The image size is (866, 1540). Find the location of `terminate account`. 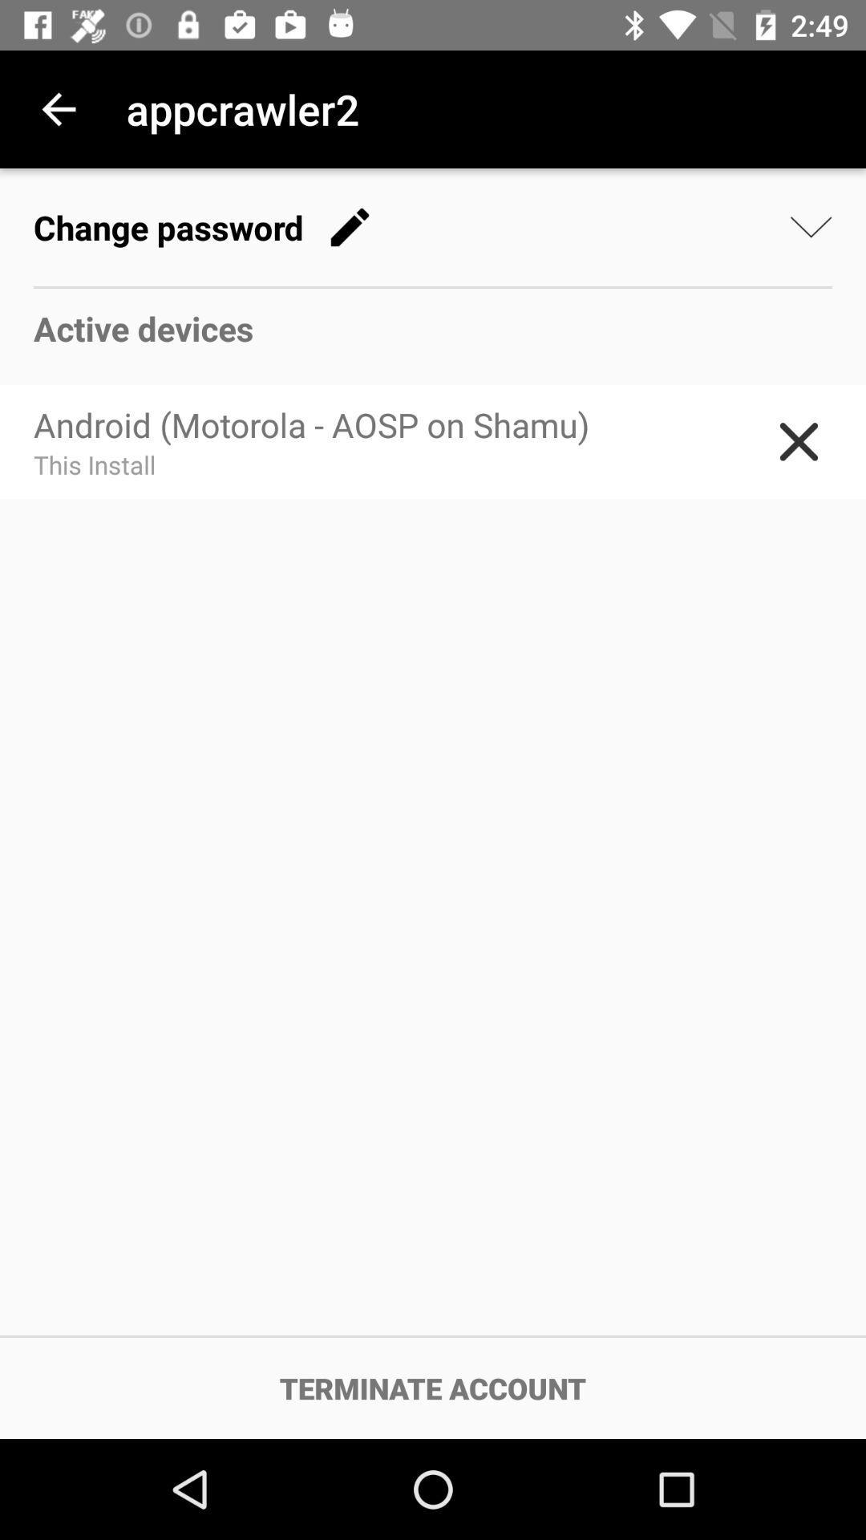

terminate account is located at coordinates (433, 1388).